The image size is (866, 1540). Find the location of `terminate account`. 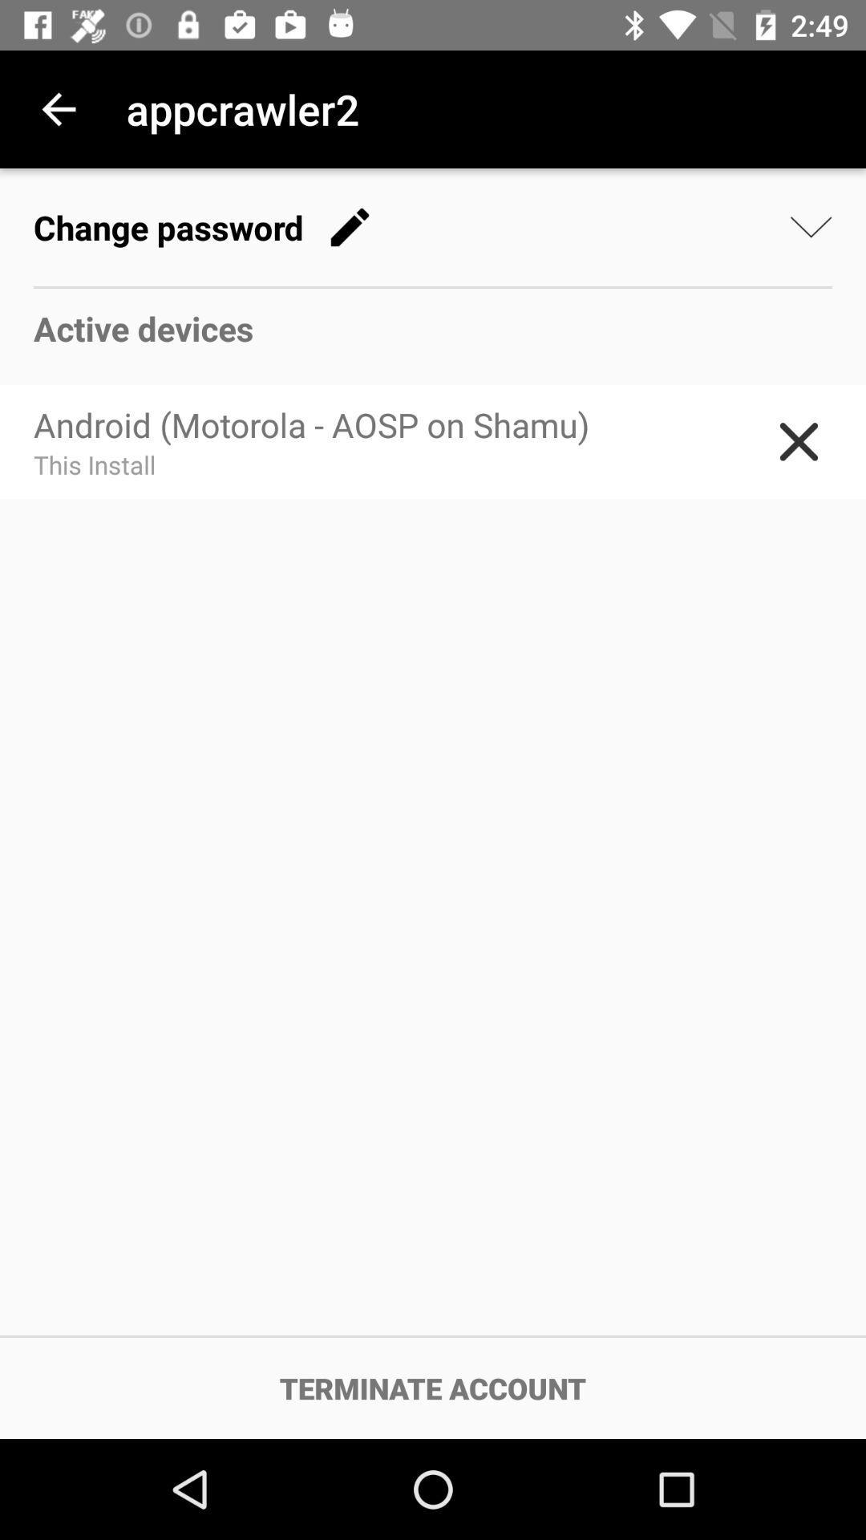

terminate account is located at coordinates (433, 1388).